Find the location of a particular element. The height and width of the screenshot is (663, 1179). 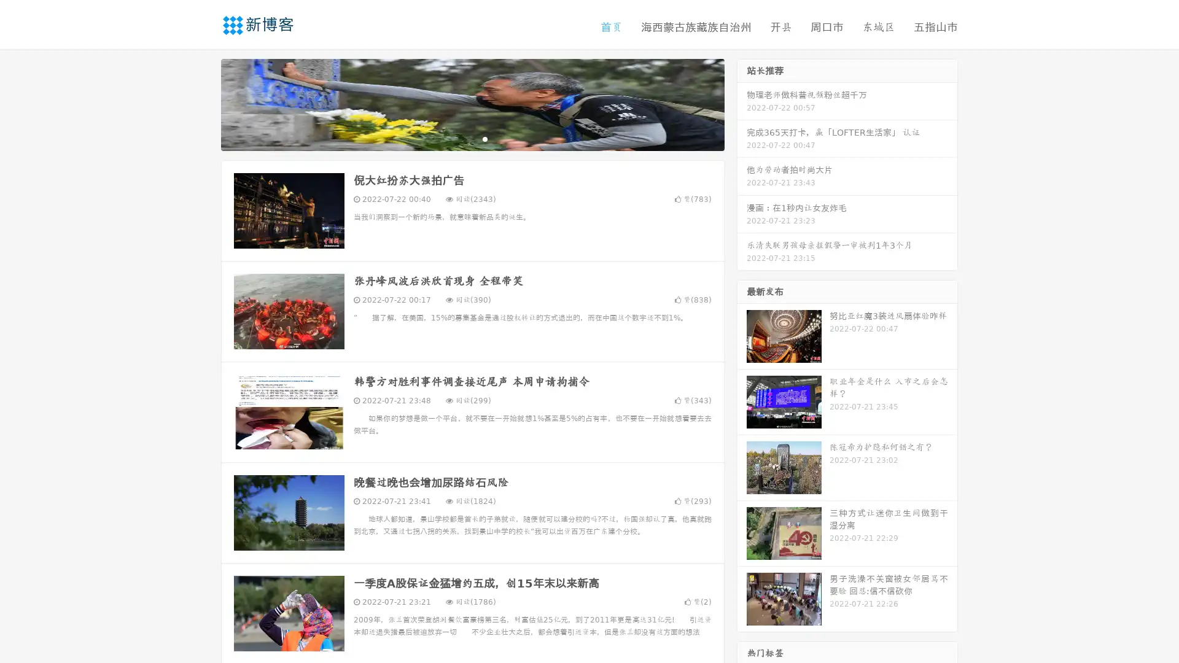

Go to slide 3 is located at coordinates (484, 138).